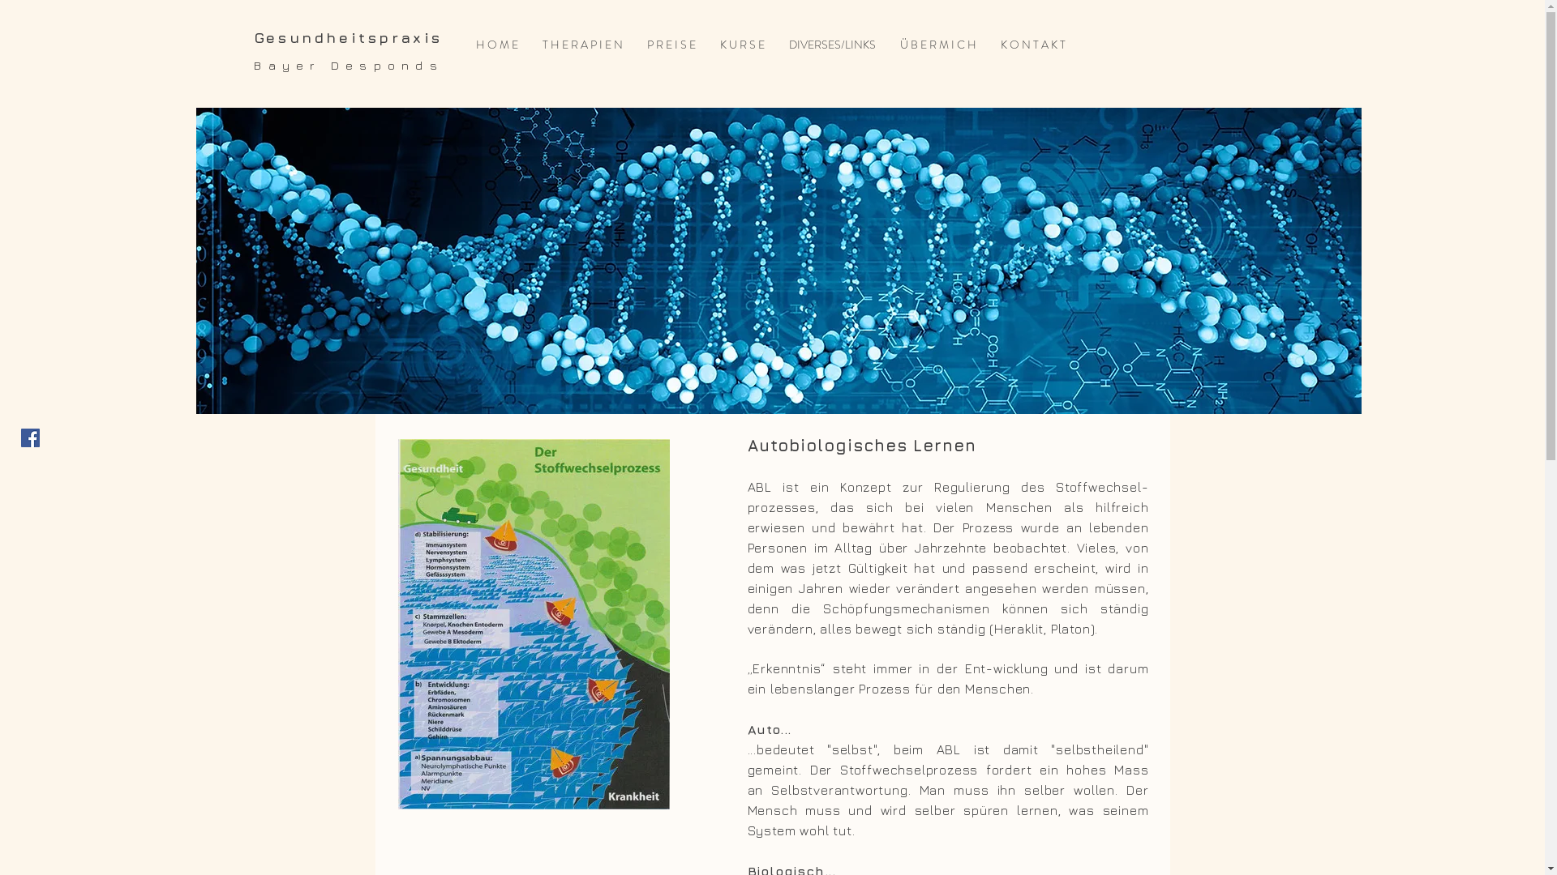 The width and height of the screenshot is (1557, 875). I want to click on 'Gesundheitspraxis', so click(348, 36).